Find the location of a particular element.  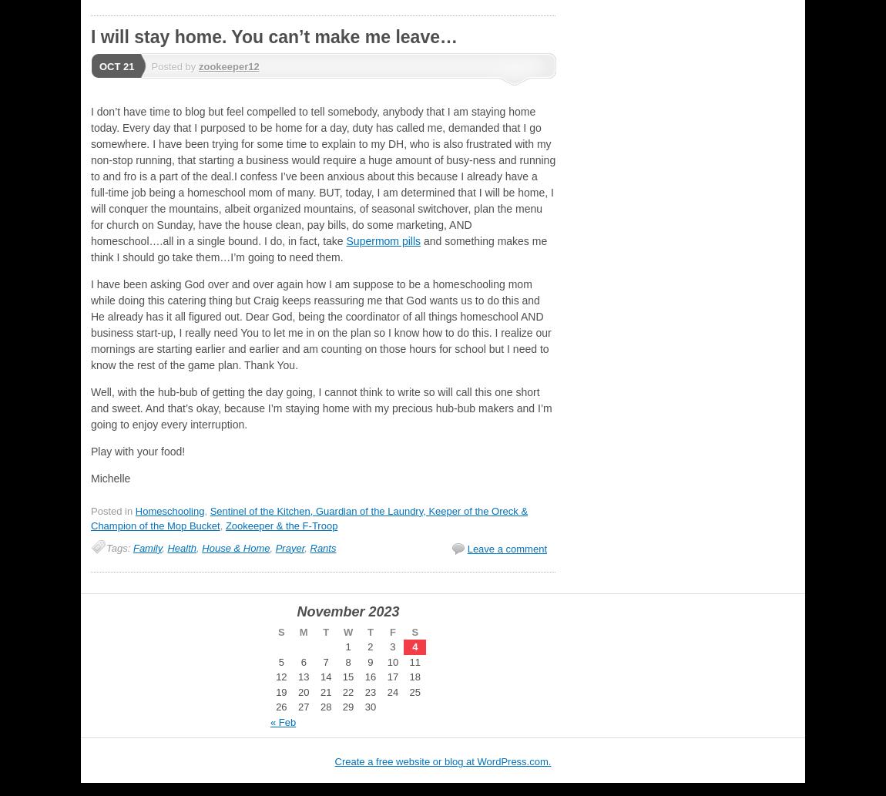

'Sentinel of the Kitchen, Guardian of the Laundry, Keeper of the Oreck & Champion of the Mop Bucket' is located at coordinates (309, 517).